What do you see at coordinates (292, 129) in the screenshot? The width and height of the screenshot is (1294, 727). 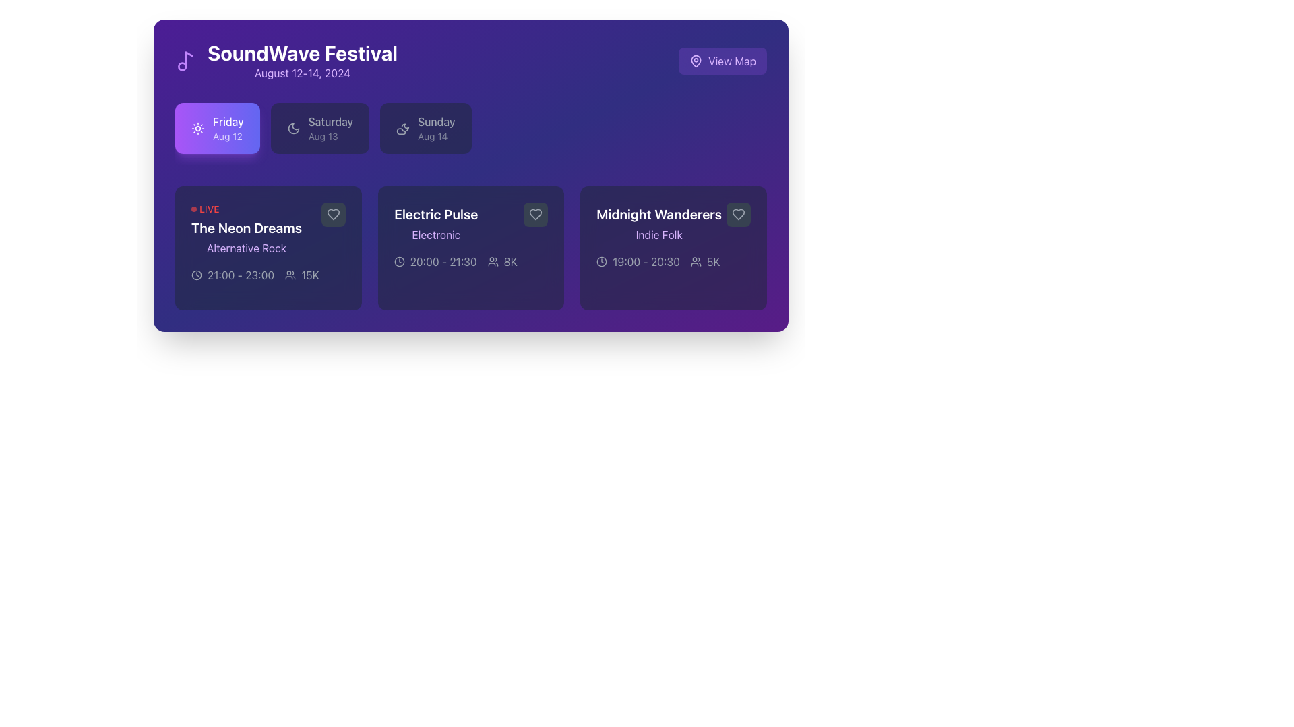 I see `the crescent moon SVG icon located near the top-right corner of the 'Friday Aug 12' button` at bounding box center [292, 129].